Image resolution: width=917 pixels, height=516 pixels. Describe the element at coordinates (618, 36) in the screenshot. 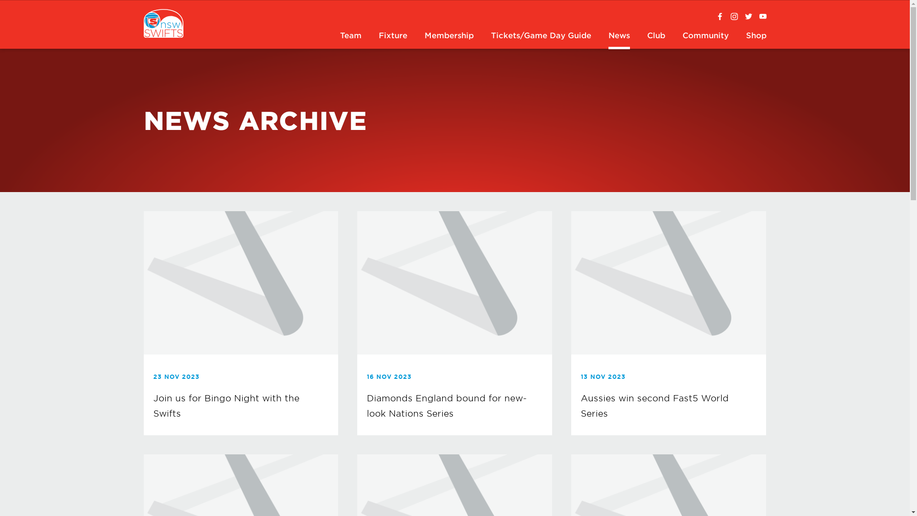

I see `'News'` at that location.